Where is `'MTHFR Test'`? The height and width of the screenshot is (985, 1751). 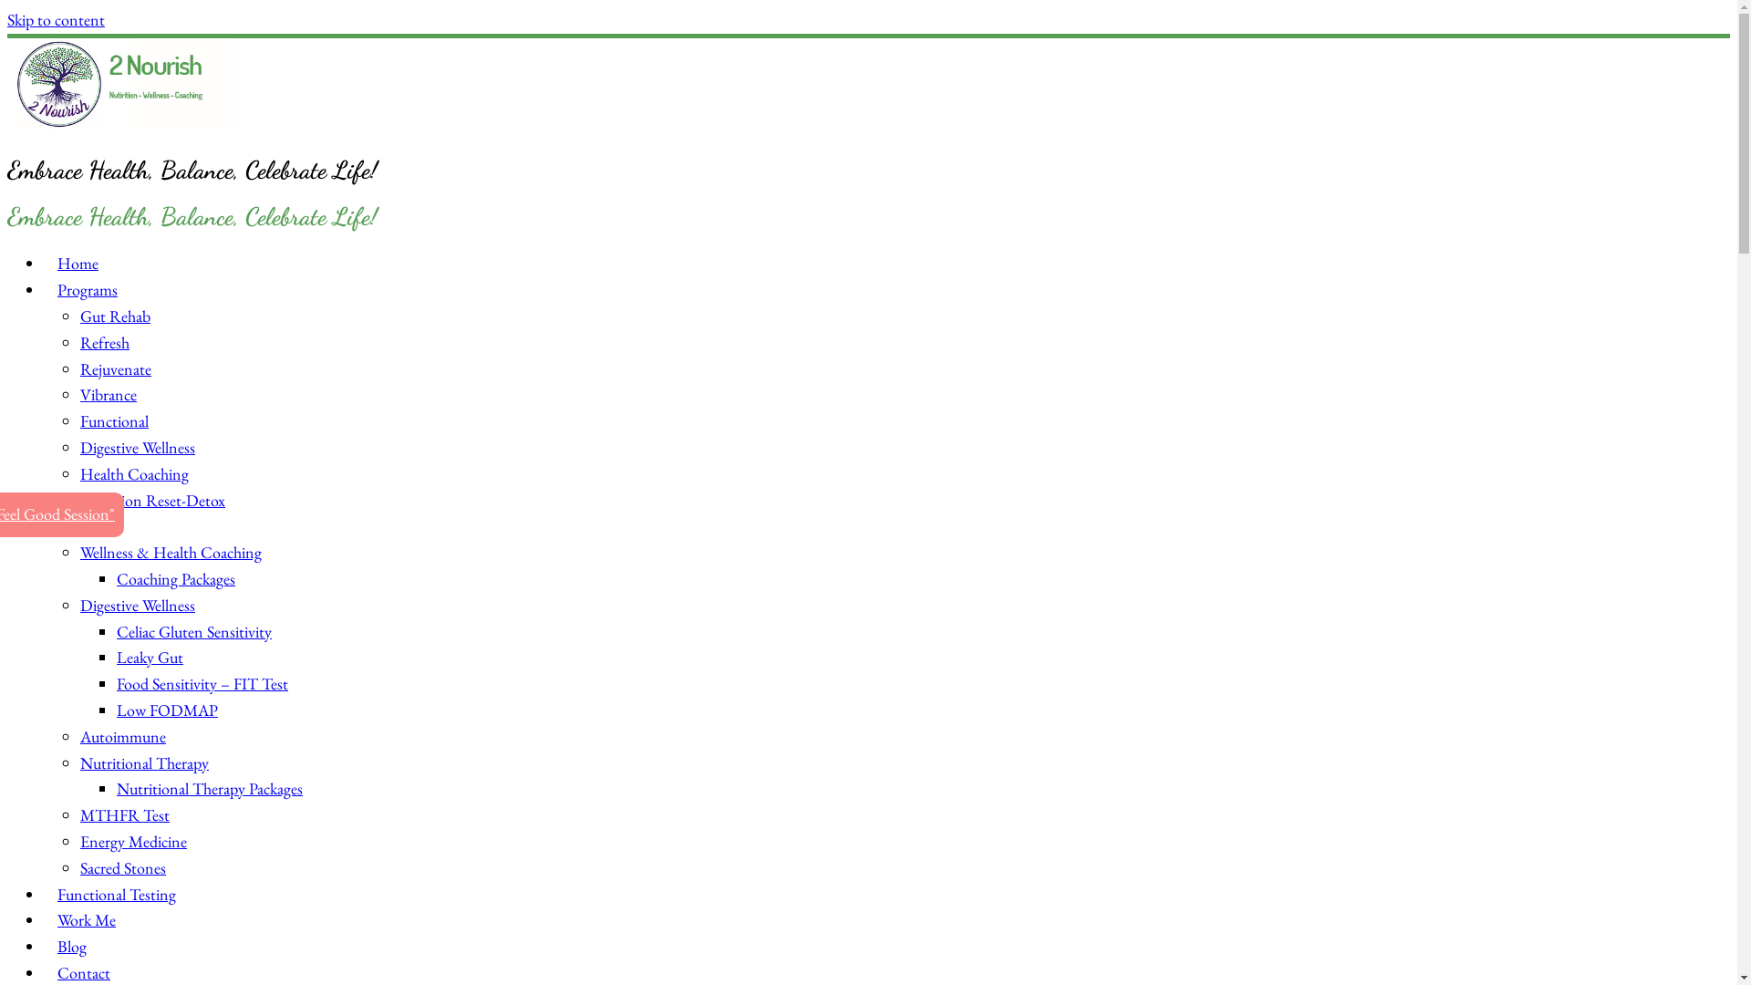
'MTHFR Test' is located at coordinates (124, 814).